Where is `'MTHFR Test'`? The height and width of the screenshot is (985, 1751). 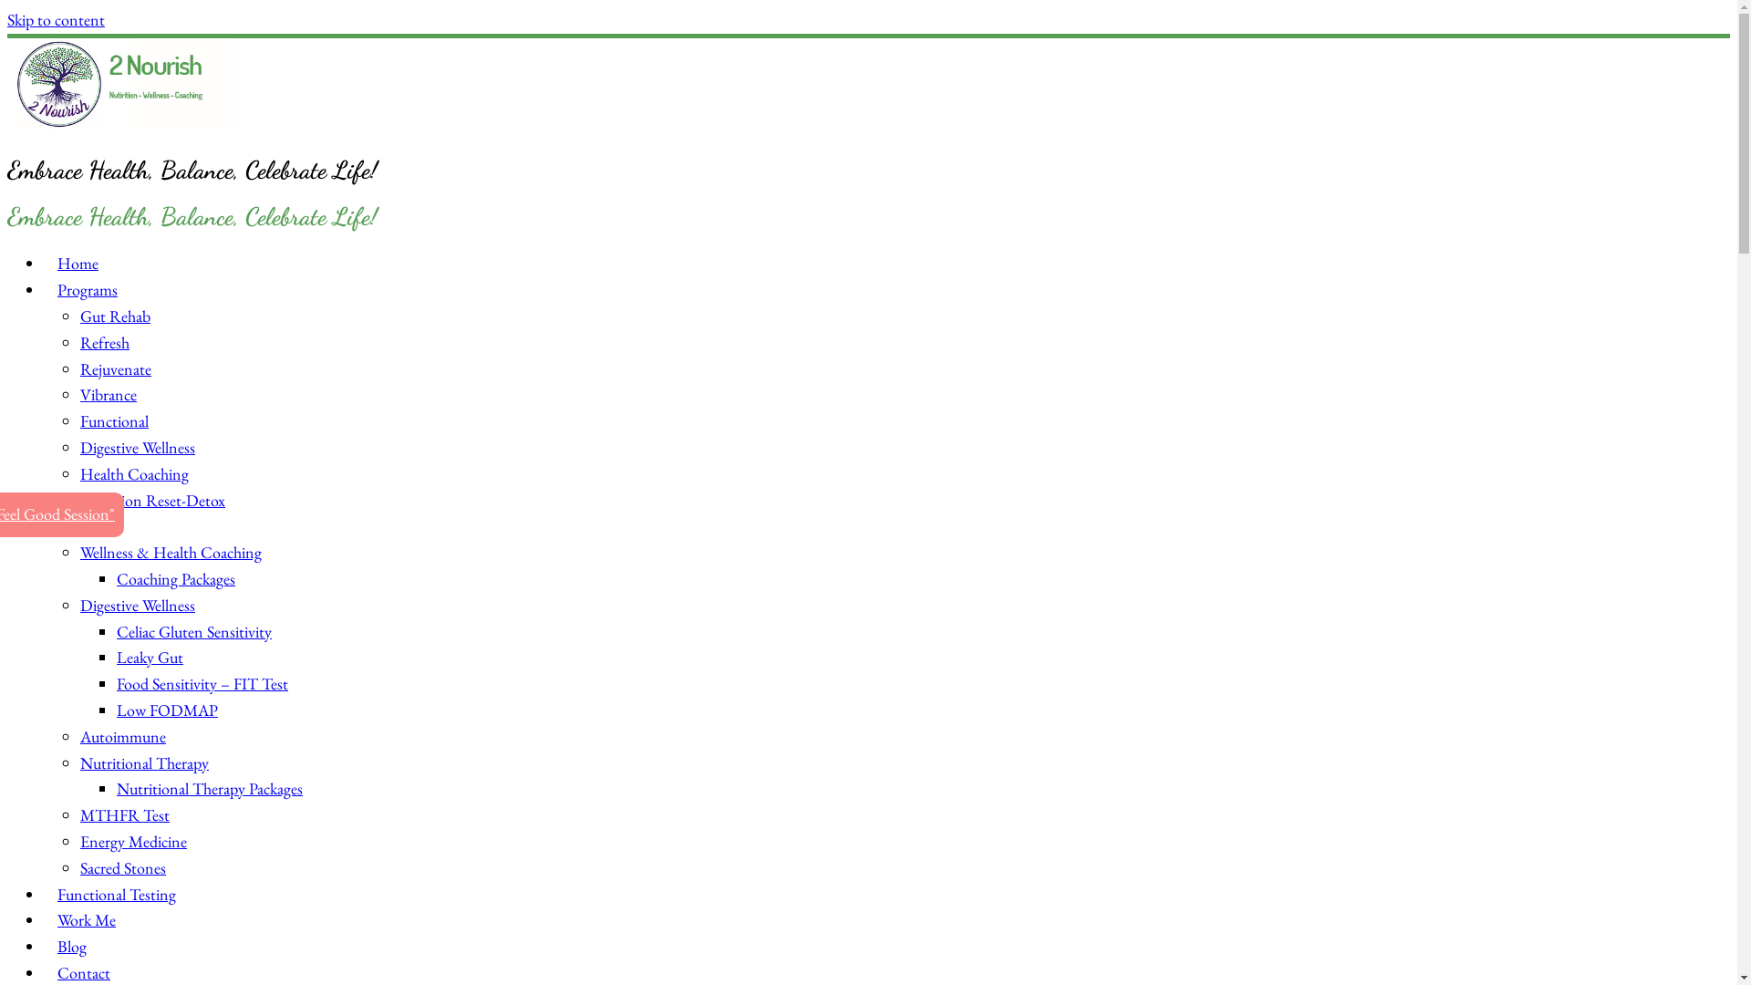
'MTHFR Test' is located at coordinates (124, 814).